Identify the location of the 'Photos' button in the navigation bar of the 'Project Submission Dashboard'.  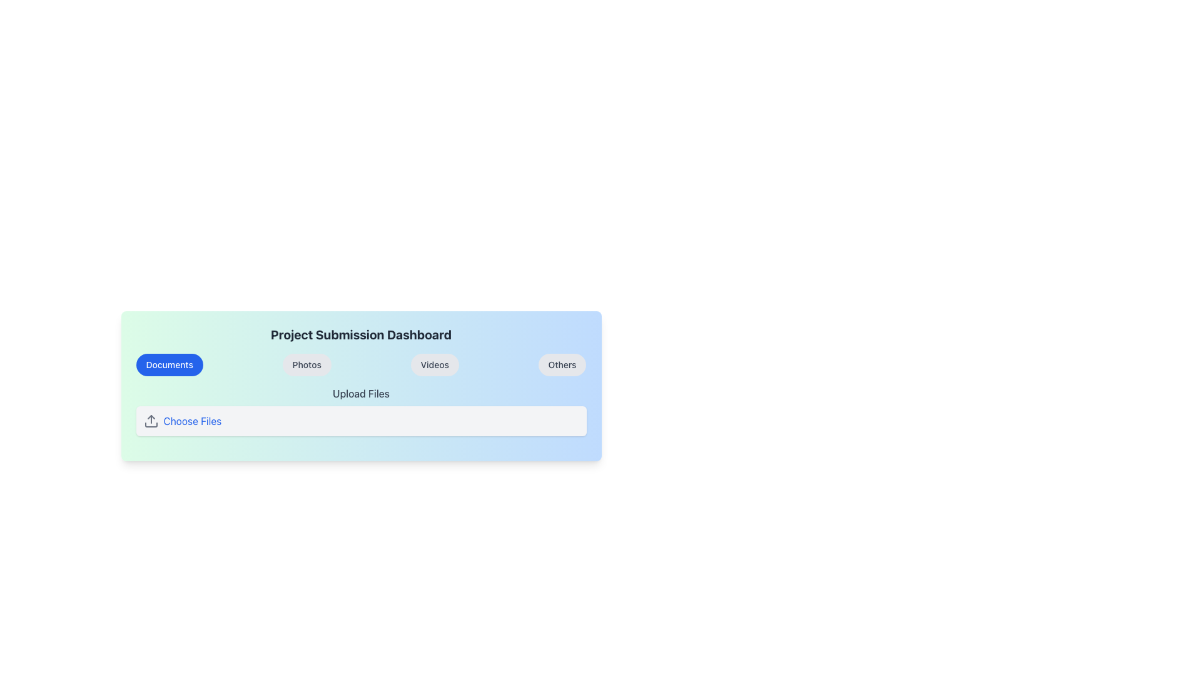
(360, 364).